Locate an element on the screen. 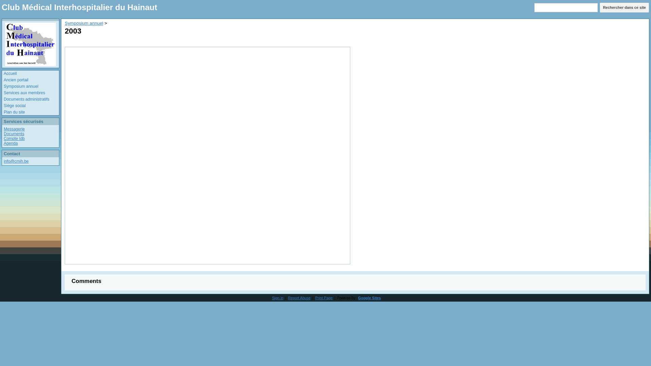 The width and height of the screenshot is (651, 366). 'Google Sites' is located at coordinates (369, 298).